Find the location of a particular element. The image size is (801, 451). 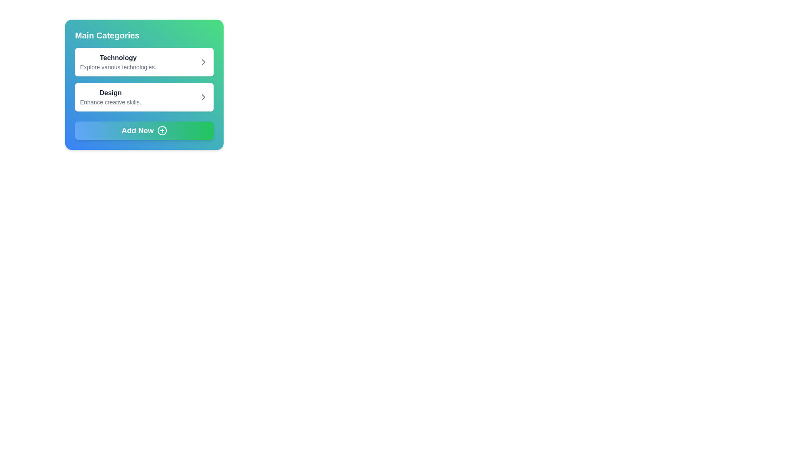

the first list item labeled 'Technology' with a bold title and a right-chevron icon is located at coordinates (144, 62).